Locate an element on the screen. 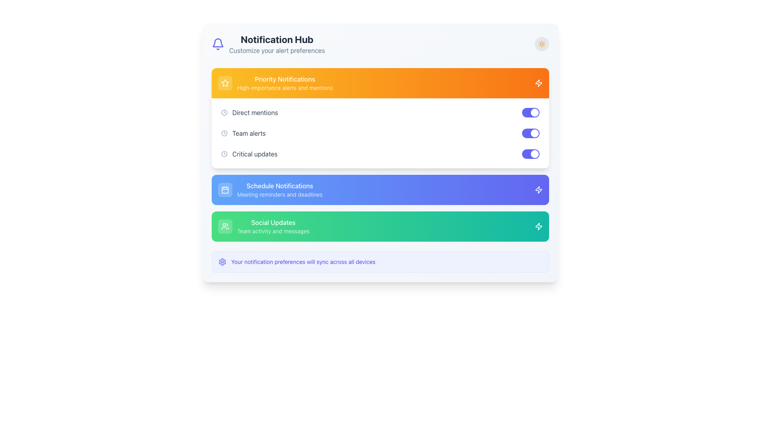 This screenshot has width=764, height=430. the toggle switch located in the 'Team alerts' section is located at coordinates (531, 133).